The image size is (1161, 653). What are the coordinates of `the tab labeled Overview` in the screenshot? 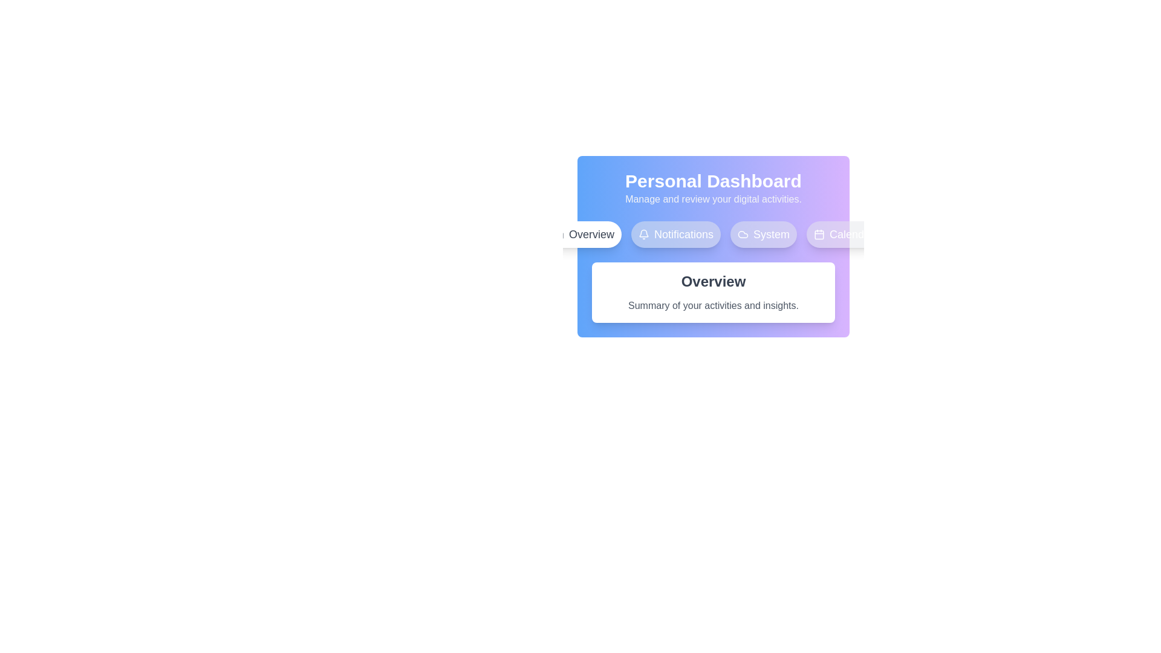 It's located at (583, 235).